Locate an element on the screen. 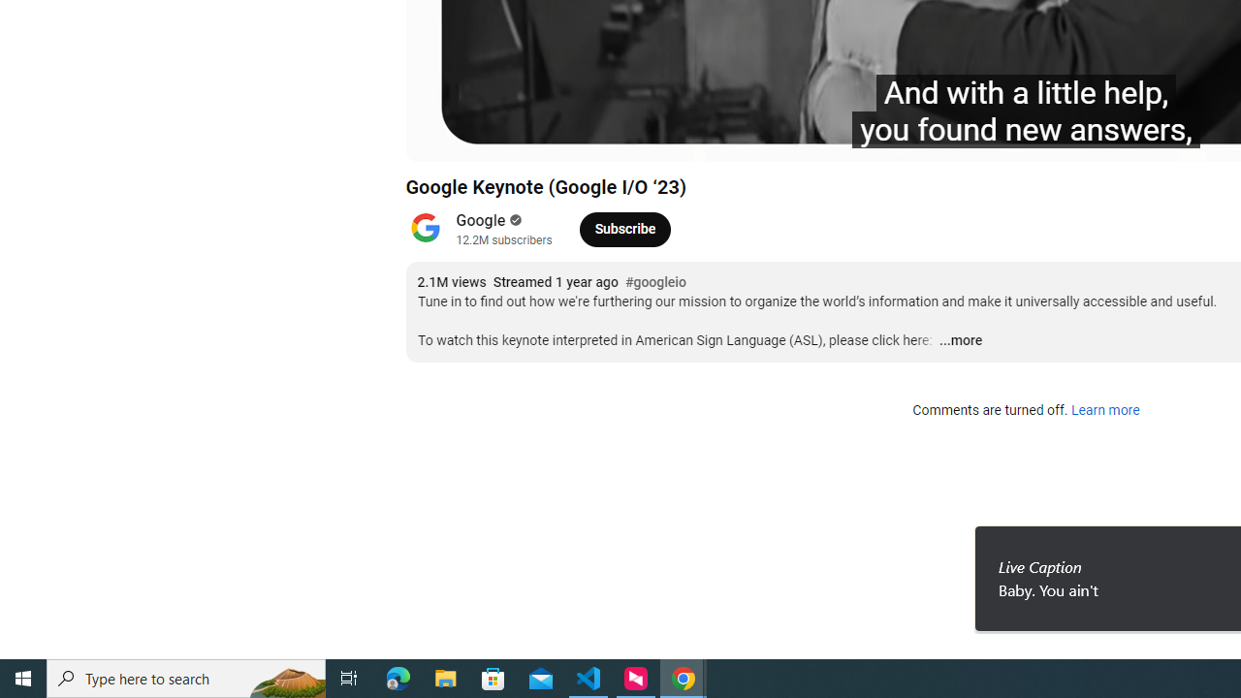 The height and width of the screenshot is (698, 1241). 'Learn more' is located at coordinates (1104, 410).